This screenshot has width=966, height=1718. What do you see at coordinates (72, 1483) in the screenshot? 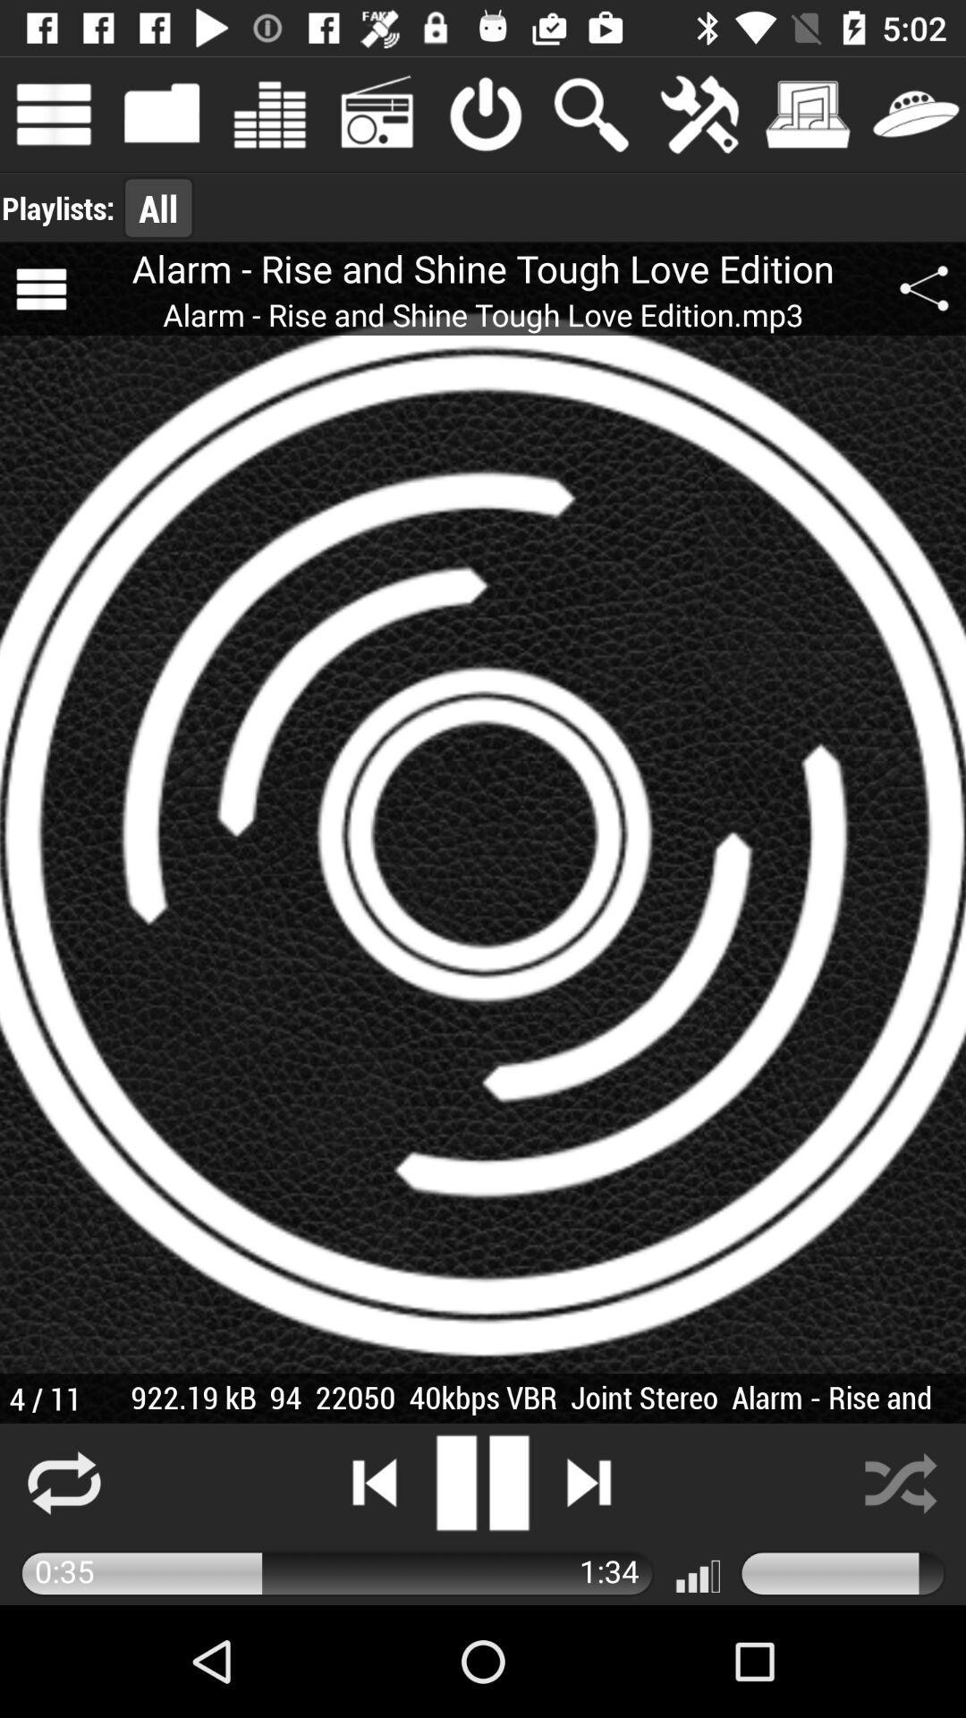
I see `the repeat icon` at bounding box center [72, 1483].